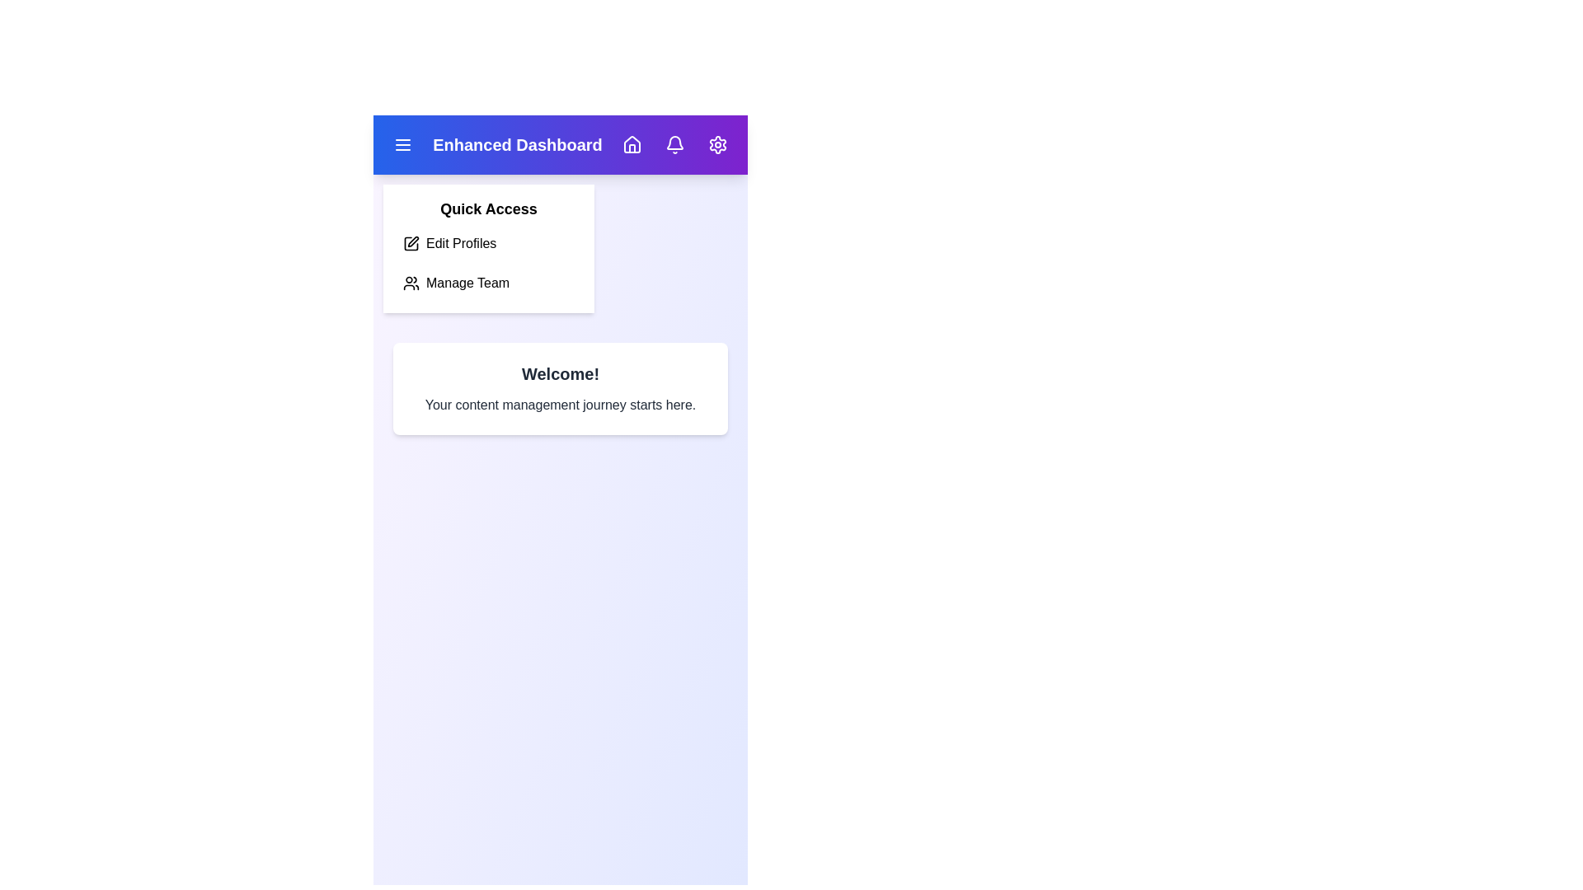  I want to click on the Bell icon to access notifications, so click(675, 144).